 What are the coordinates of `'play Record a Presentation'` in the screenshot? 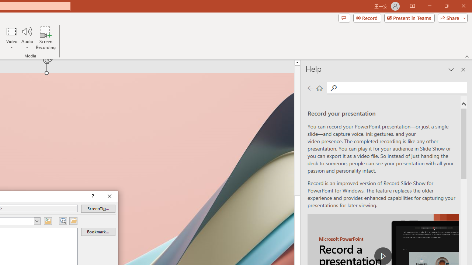 It's located at (383, 255).